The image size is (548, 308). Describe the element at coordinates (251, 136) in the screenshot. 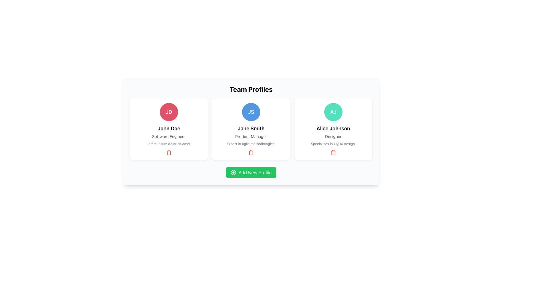

I see `the text element that reads 'Product Manager', which is styled with a small-sized, gray font and positioned below 'Jane Smith'` at that location.